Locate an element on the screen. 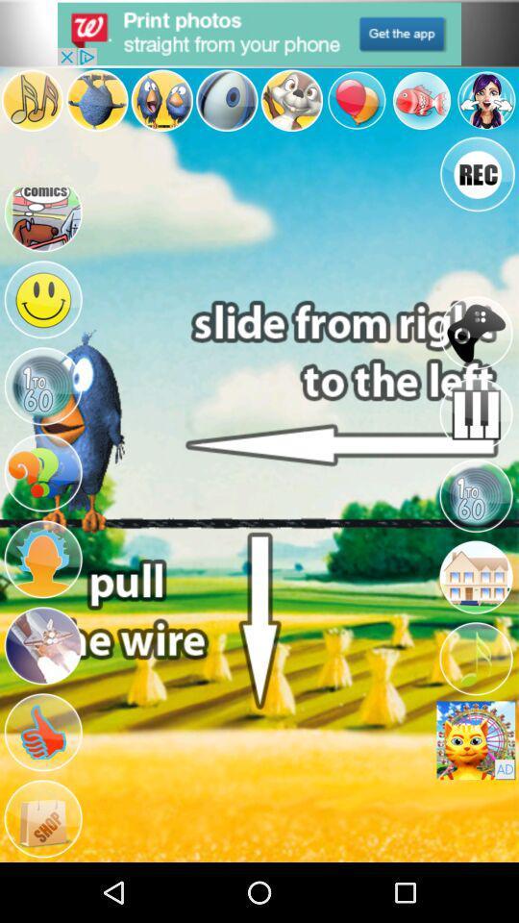  the icon below joystick icon is located at coordinates (475, 414).